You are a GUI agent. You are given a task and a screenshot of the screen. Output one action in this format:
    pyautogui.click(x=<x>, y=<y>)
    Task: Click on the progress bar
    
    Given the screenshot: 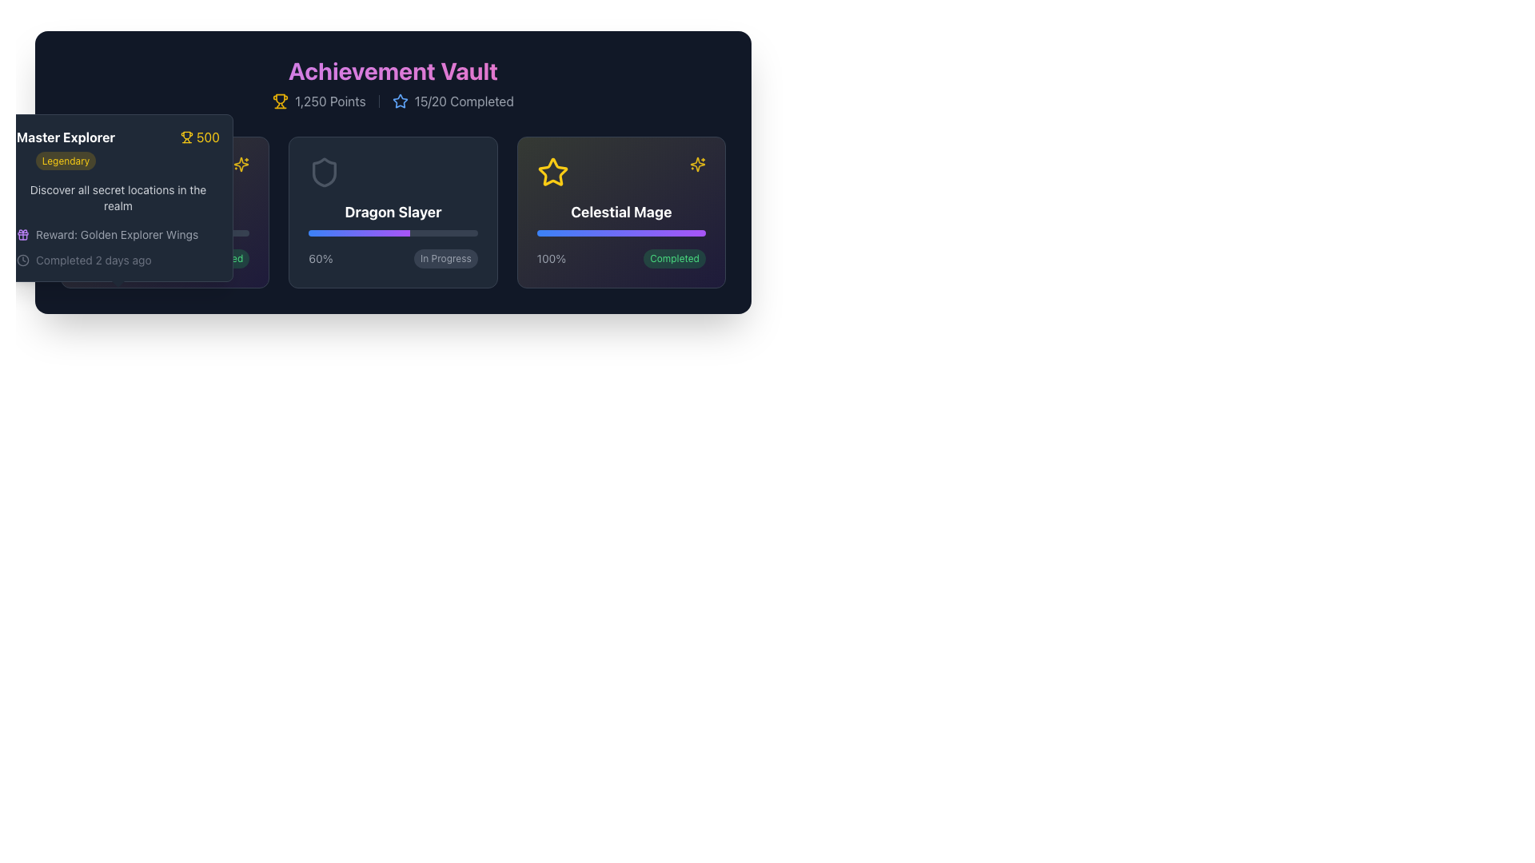 What is the action you would take?
    pyautogui.click(x=356, y=233)
    